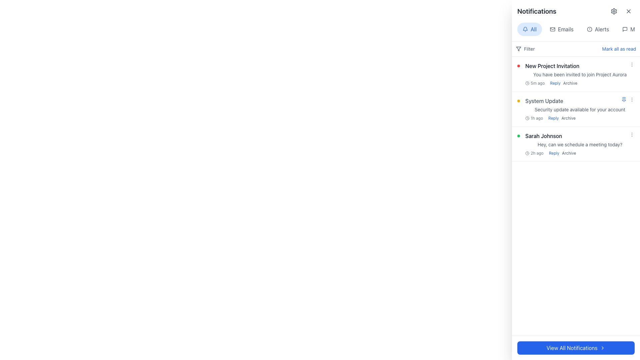 The width and height of the screenshot is (640, 360). What do you see at coordinates (544, 136) in the screenshot?
I see `the text label displaying the sender's or subject's name in the notification, which is positioned to the right of a green circular icon` at bounding box center [544, 136].